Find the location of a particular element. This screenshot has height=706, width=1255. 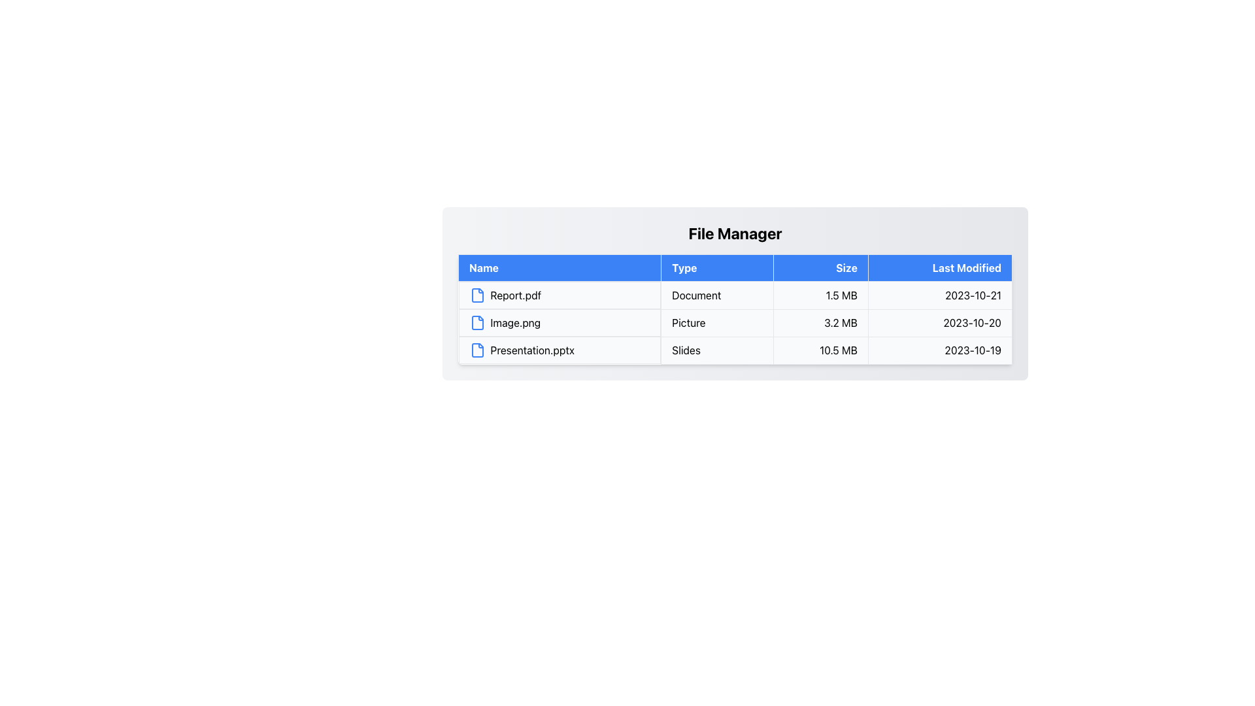

the file icon resembling a document is located at coordinates (477, 350).